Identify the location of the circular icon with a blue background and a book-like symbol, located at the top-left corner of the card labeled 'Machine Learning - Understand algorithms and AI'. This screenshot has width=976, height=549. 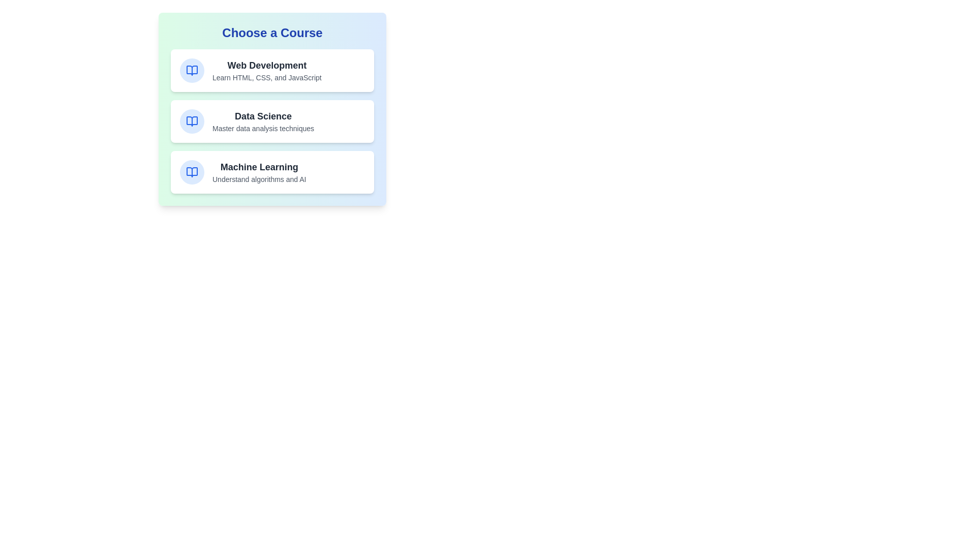
(192, 172).